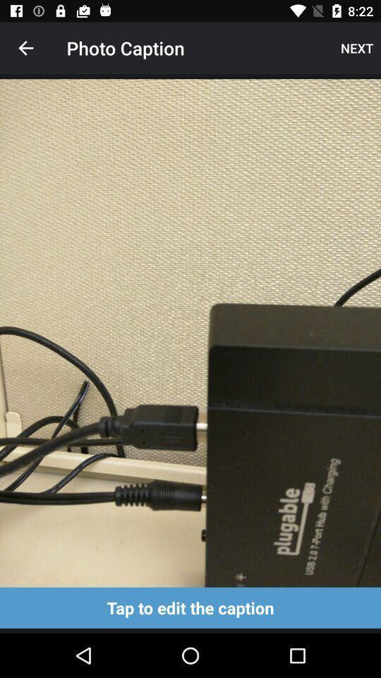 The height and width of the screenshot is (678, 381). I want to click on to edit the caption, so click(190, 607).